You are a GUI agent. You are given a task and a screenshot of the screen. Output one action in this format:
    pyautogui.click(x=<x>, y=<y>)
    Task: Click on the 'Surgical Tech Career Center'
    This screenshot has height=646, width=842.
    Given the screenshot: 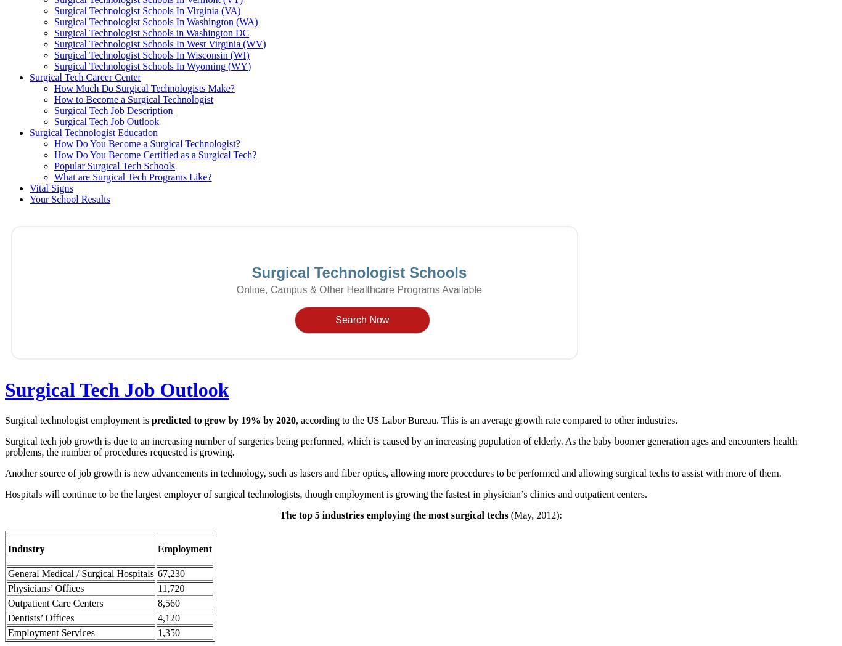 What is the action you would take?
    pyautogui.click(x=29, y=76)
    